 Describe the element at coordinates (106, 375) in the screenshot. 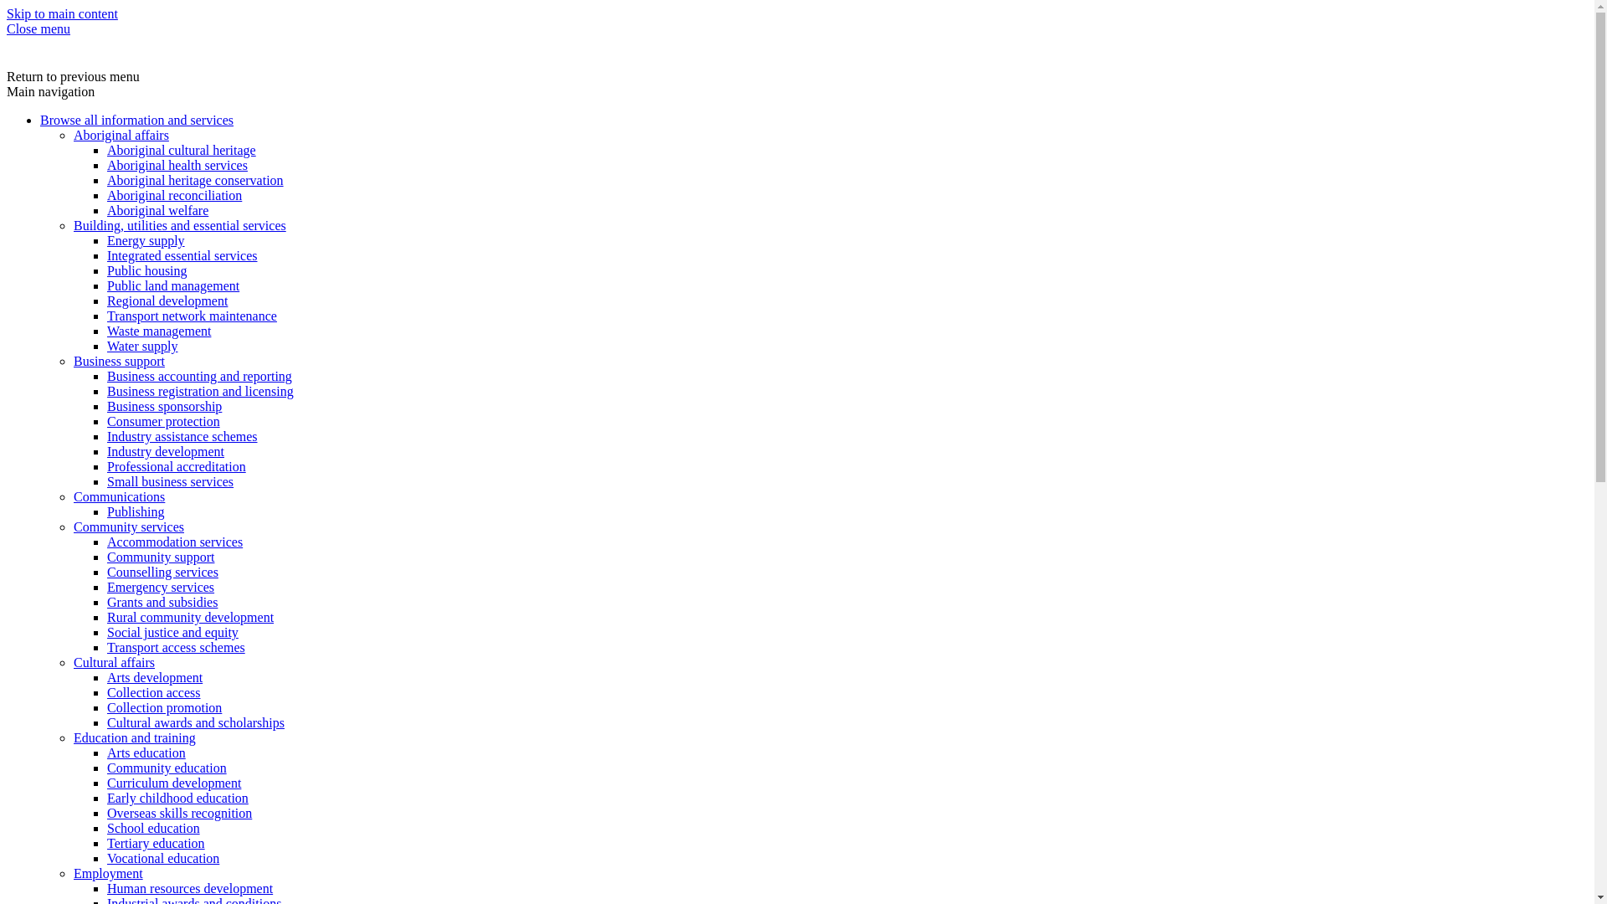

I see `'Business accounting and reporting'` at that location.